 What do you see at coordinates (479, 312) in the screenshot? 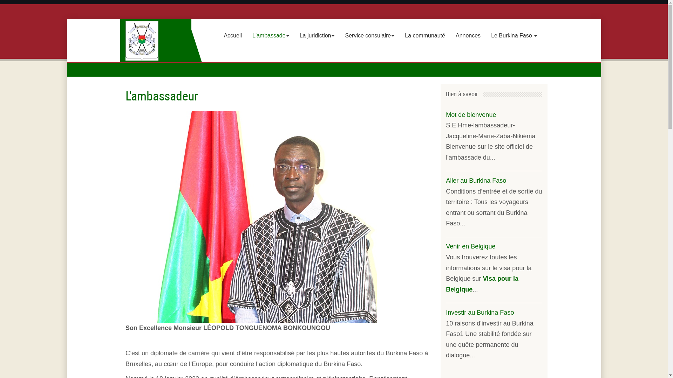
I see `'Investir au Burkina Faso'` at bounding box center [479, 312].